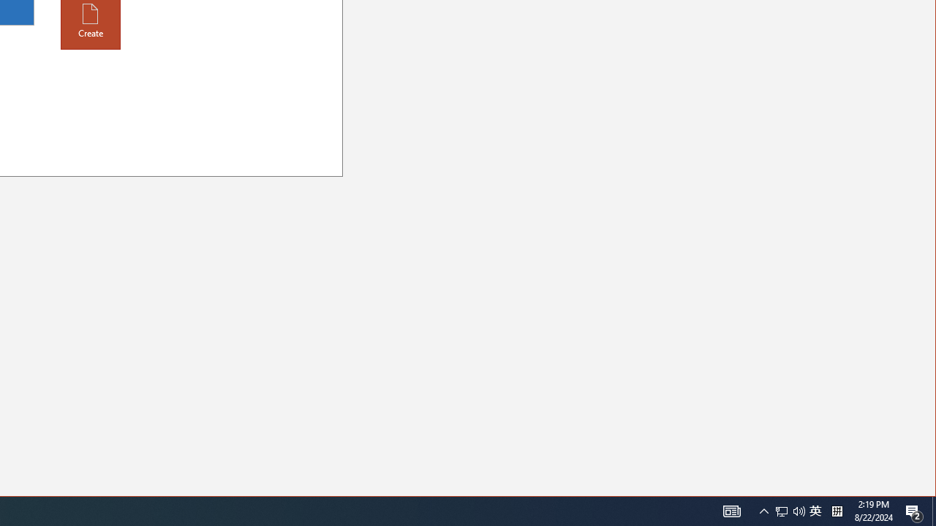  What do you see at coordinates (914, 510) in the screenshot?
I see `'Action Center, 2 new notifications'` at bounding box center [914, 510].